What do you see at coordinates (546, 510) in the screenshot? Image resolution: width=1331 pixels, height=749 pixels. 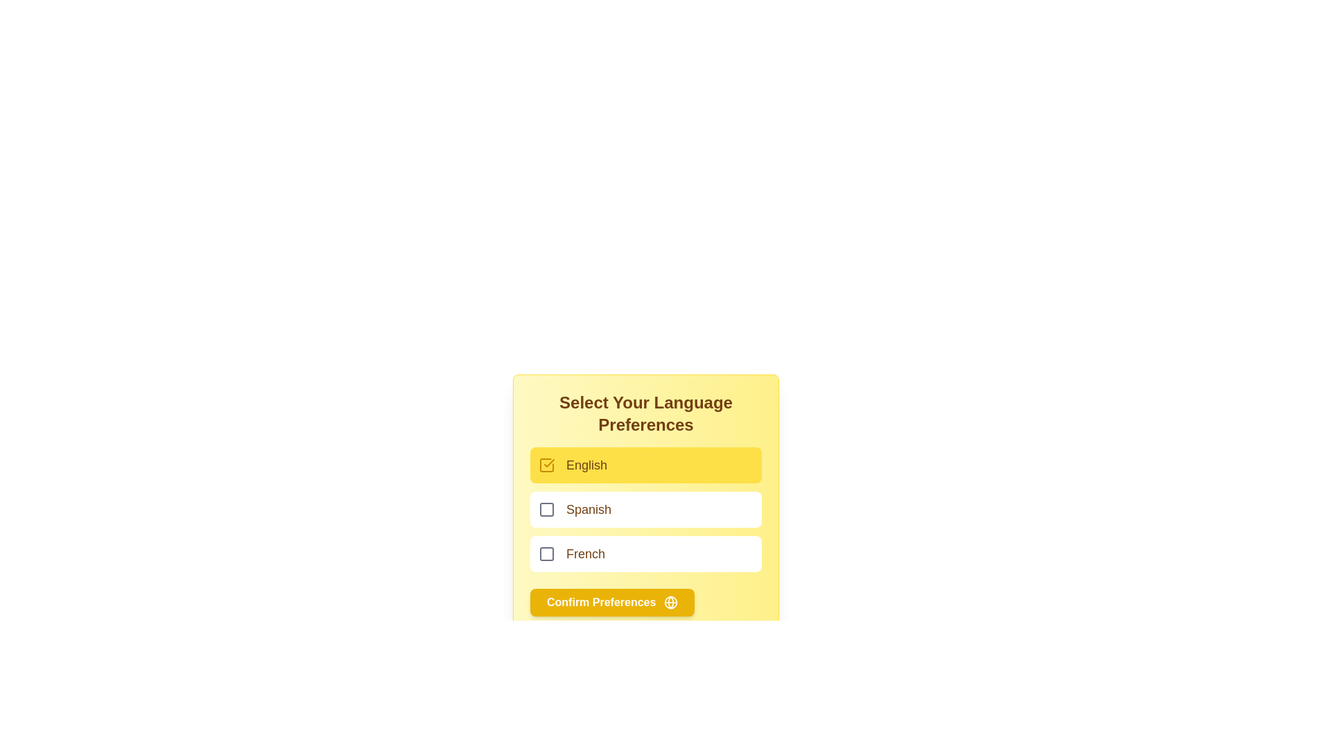 I see `the checkbox element located near the second checkbox labeled 'Spanish', which visually indicates the selection state of the associated option` at bounding box center [546, 510].